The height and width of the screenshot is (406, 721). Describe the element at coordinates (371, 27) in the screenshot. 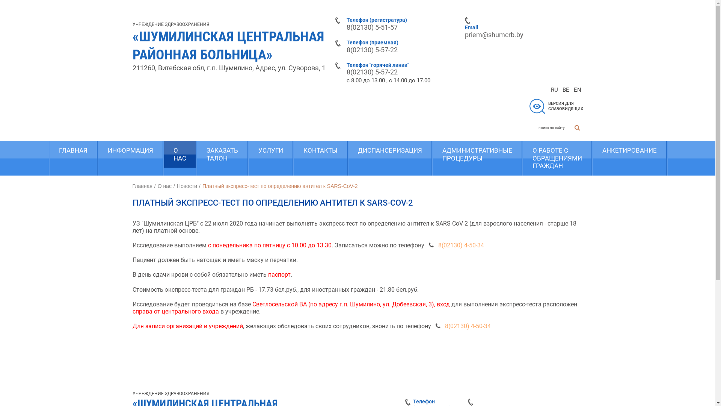

I see `'8(02130) 5-51-57'` at that location.